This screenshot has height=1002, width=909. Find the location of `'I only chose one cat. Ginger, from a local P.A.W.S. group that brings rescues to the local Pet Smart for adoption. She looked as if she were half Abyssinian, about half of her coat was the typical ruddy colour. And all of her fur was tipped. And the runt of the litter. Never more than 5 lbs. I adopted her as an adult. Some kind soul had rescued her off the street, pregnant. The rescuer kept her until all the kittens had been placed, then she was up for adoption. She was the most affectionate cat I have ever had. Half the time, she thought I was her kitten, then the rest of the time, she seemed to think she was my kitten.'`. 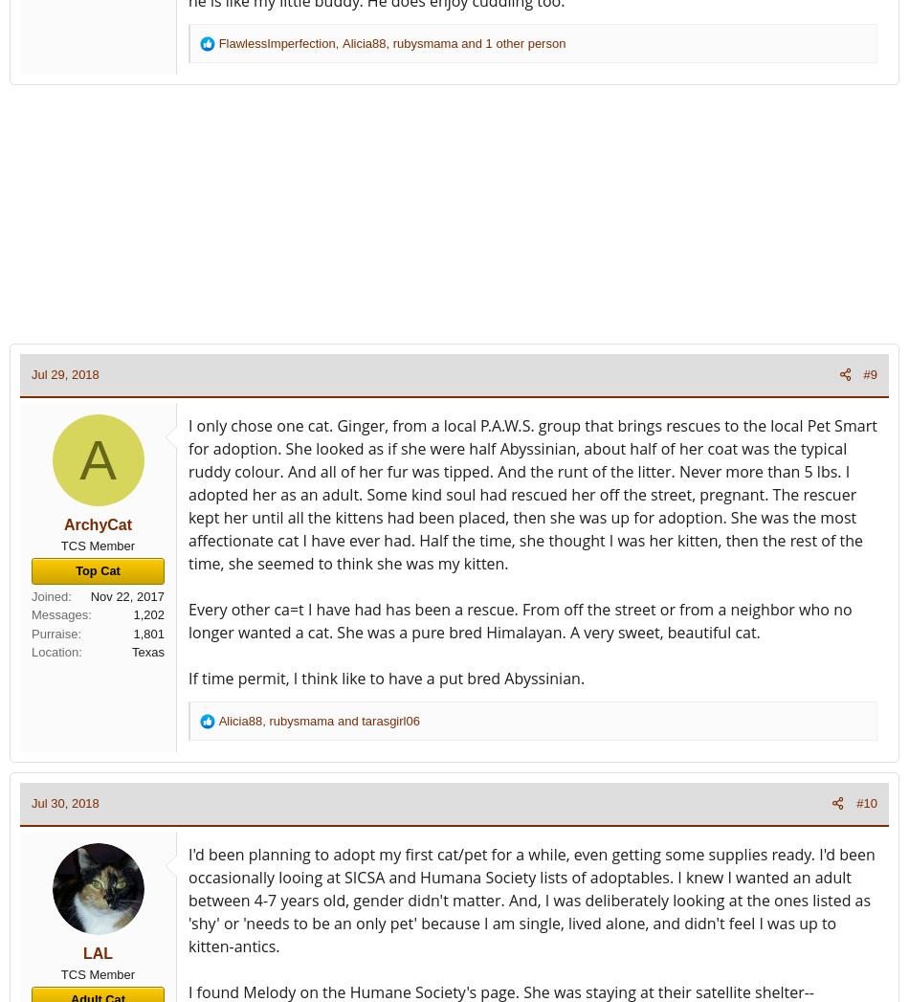

'I only chose one cat. Ginger, from a local P.A.W.S. group that brings rescues to the local Pet Smart for adoption. She looked as if she were half Abyssinian, about half of her coat was the typical ruddy colour. And all of her fur was tipped. And the runt of the litter. Never more than 5 lbs. I adopted her as an adult. Some kind soul had rescued her off the street, pregnant. The rescuer kept her until all the kittens had been placed, then she was up for adoption. She was the most affectionate cat I have ever had. Half the time, she thought I was her kitten, then the rest of the time, she seemed to think she was my kitten.' is located at coordinates (532, 492).